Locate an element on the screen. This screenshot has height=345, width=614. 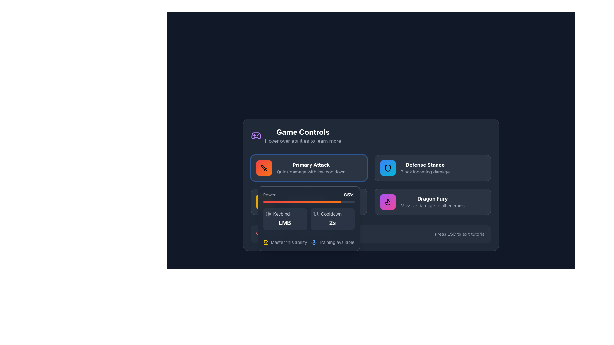
the blue compass icon SVG element located in the bottom left area of the 'Training Available' tooltip is located at coordinates (314, 242).